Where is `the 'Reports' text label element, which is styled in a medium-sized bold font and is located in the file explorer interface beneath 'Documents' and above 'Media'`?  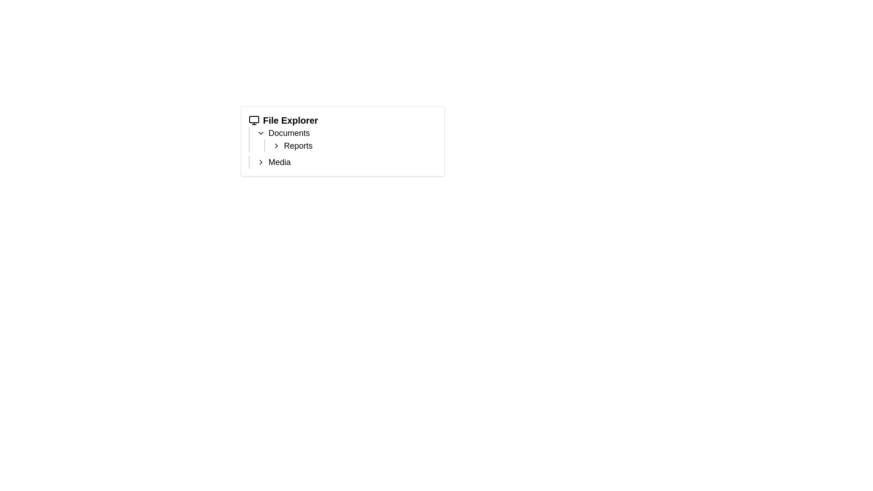
the 'Reports' text label element, which is styled in a medium-sized bold font and is located in the file explorer interface beneath 'Documents' and above 'Media' is located at coordinates (298, 145).